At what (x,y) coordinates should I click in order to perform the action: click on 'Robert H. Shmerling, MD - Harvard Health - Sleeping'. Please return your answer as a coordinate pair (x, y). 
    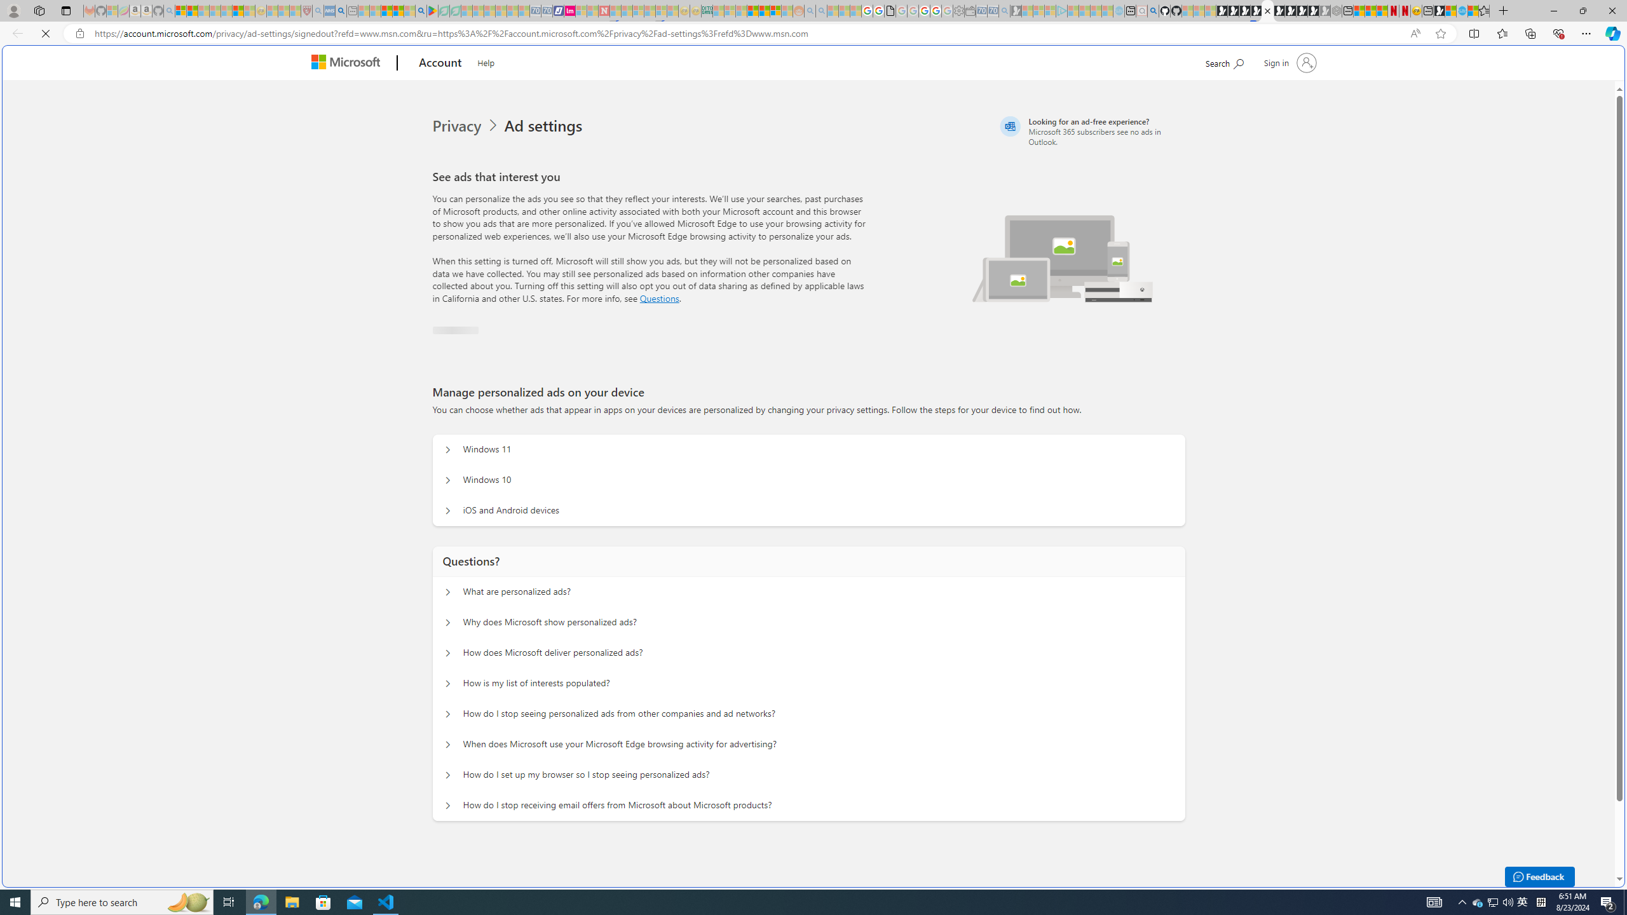
    Looking at the image, I should click on (306, 10).